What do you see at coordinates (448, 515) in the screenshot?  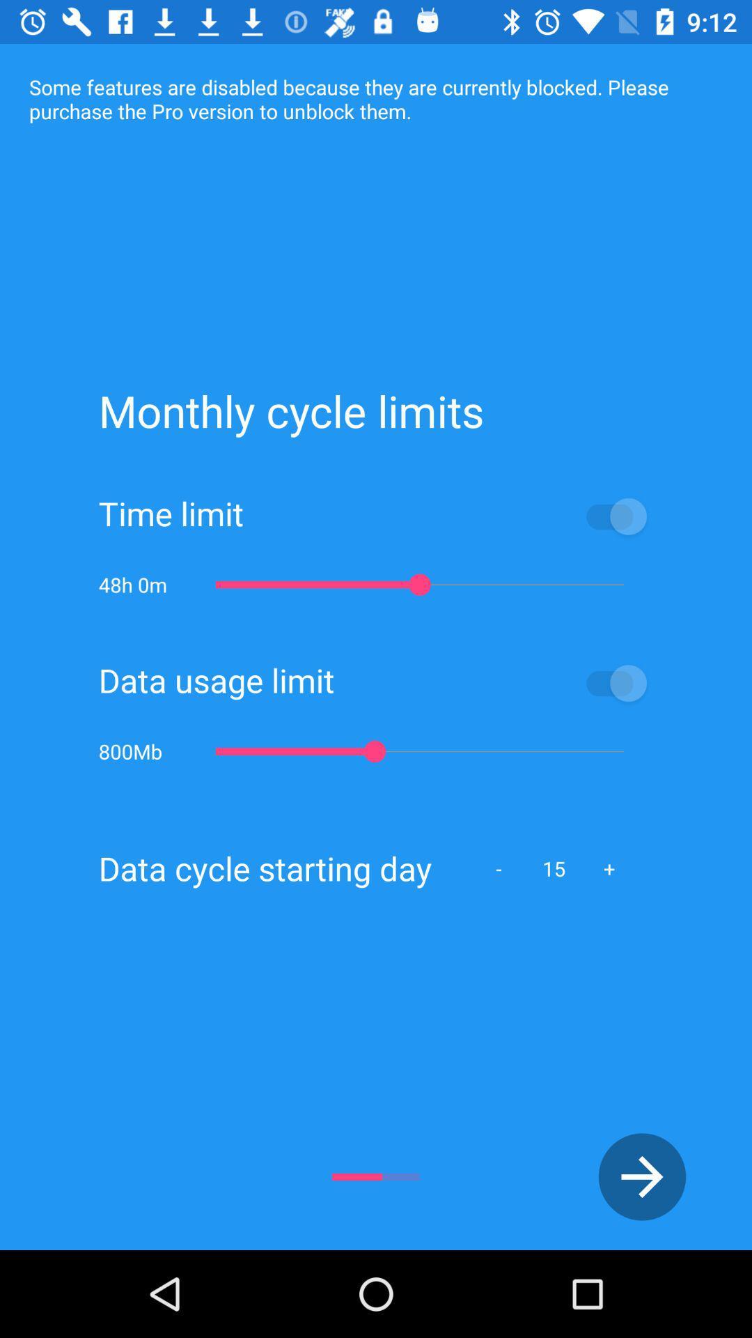 I see `time limit` at bounding box center [448, 515].